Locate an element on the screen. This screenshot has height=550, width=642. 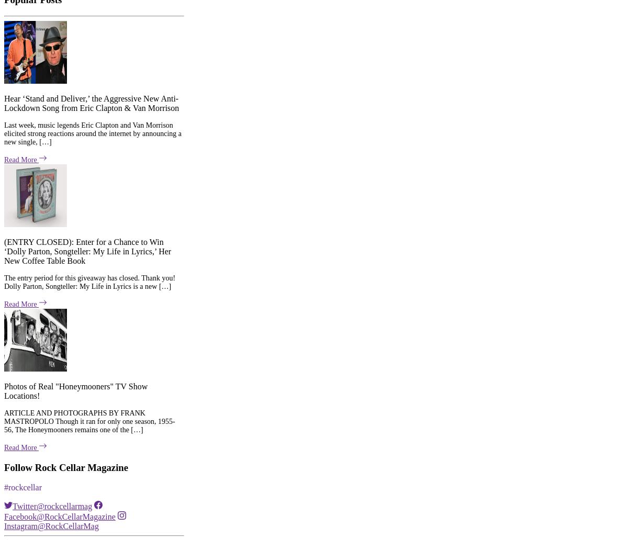
'Photos of Real "Honeymooners" TV Show Locations!' is located at coordinates (75, 233).